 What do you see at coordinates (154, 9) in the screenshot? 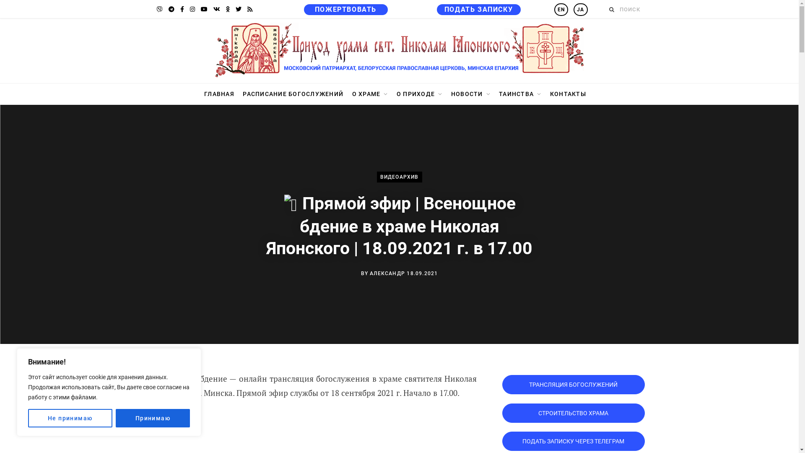
I see `'Steam'` at bounding box center [154, 9].